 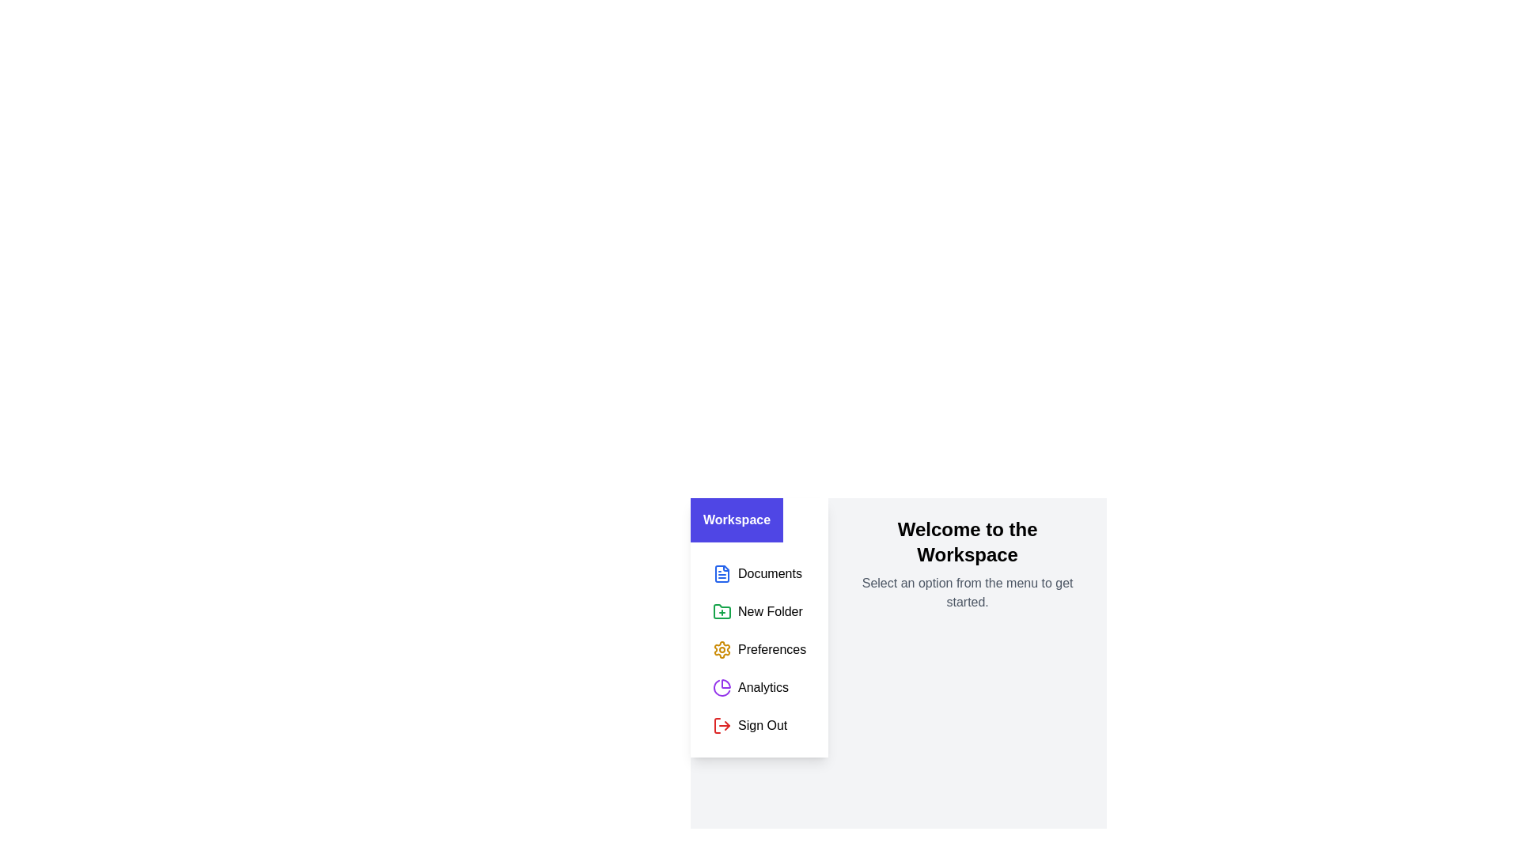 What do you see at coordinates (759, 726) in the screenshot?
I see `the menu item Sign Out to select it` at bounding box center [759, 726].